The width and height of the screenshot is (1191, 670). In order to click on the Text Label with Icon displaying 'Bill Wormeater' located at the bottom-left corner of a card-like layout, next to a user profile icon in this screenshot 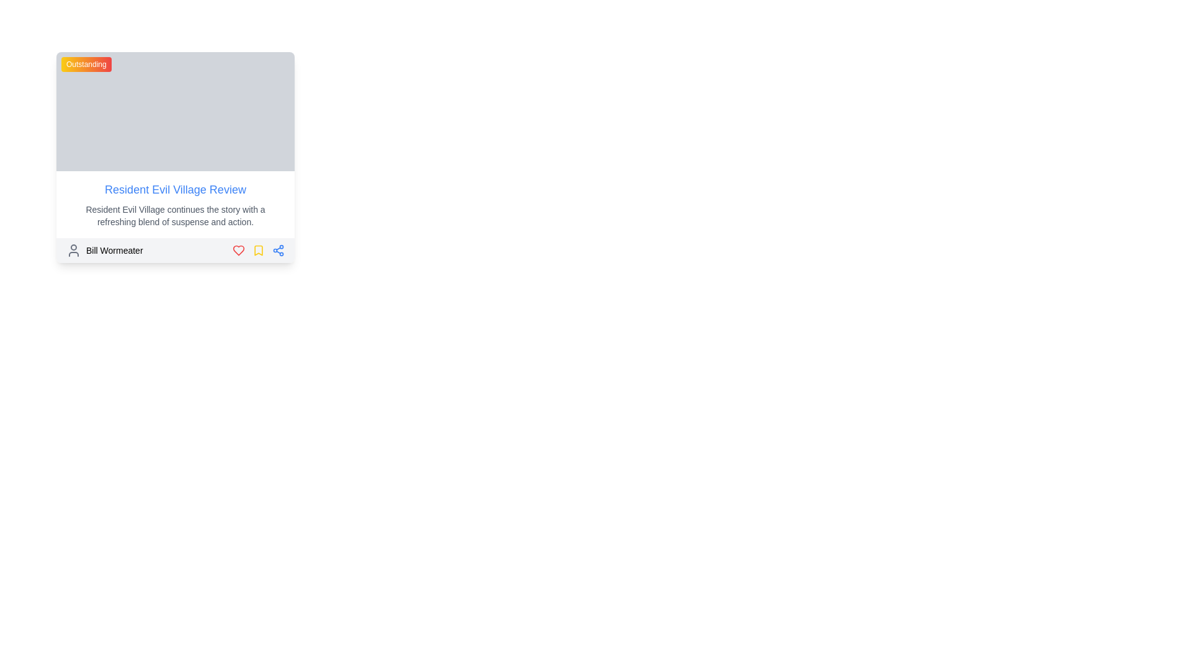, I will do `click(104, 251)`.